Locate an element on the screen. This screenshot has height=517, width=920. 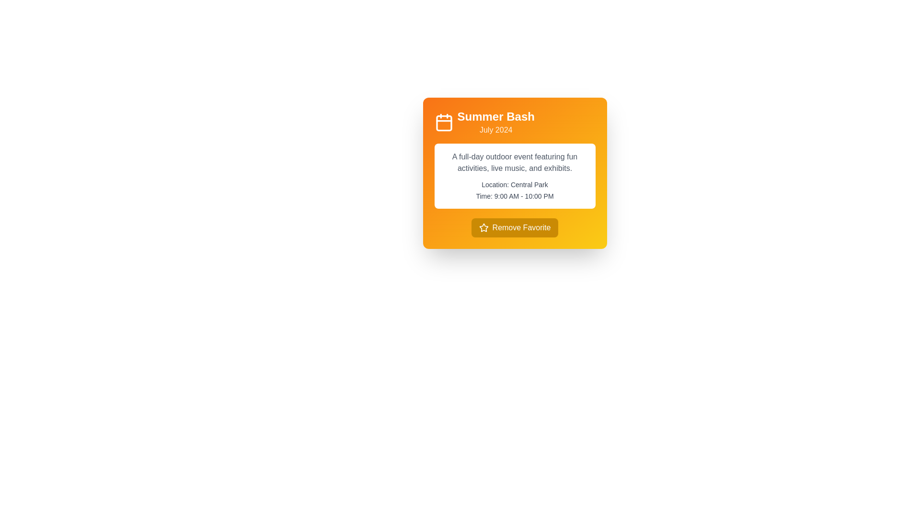
the text label displaying 'July 2024', which is styled with white text on an orange background and positioned below the 'Summer Bash' title is located at coordinates (496, 130).